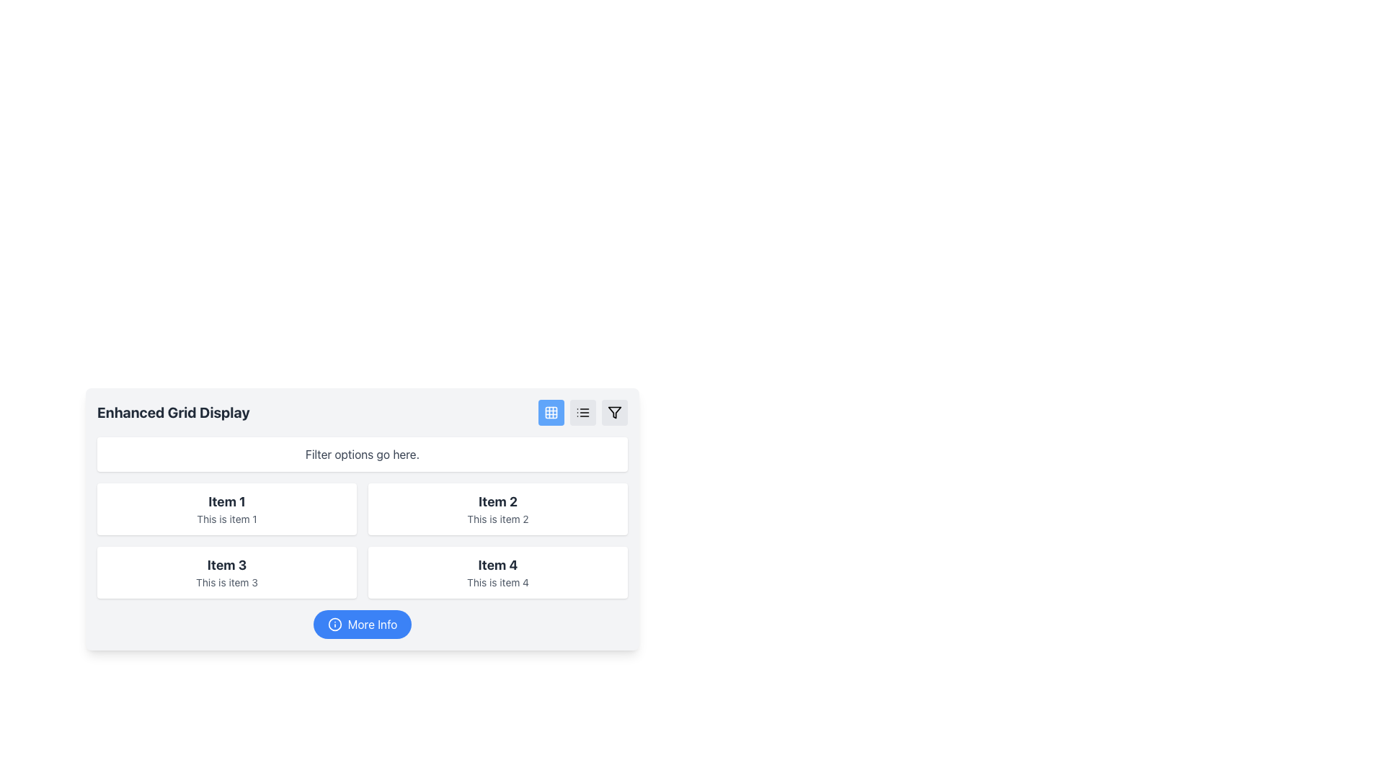 The image size is (1384, 778). Describe the element at coordinates (226, 501) in the screenshot. I see `the card` at that location.